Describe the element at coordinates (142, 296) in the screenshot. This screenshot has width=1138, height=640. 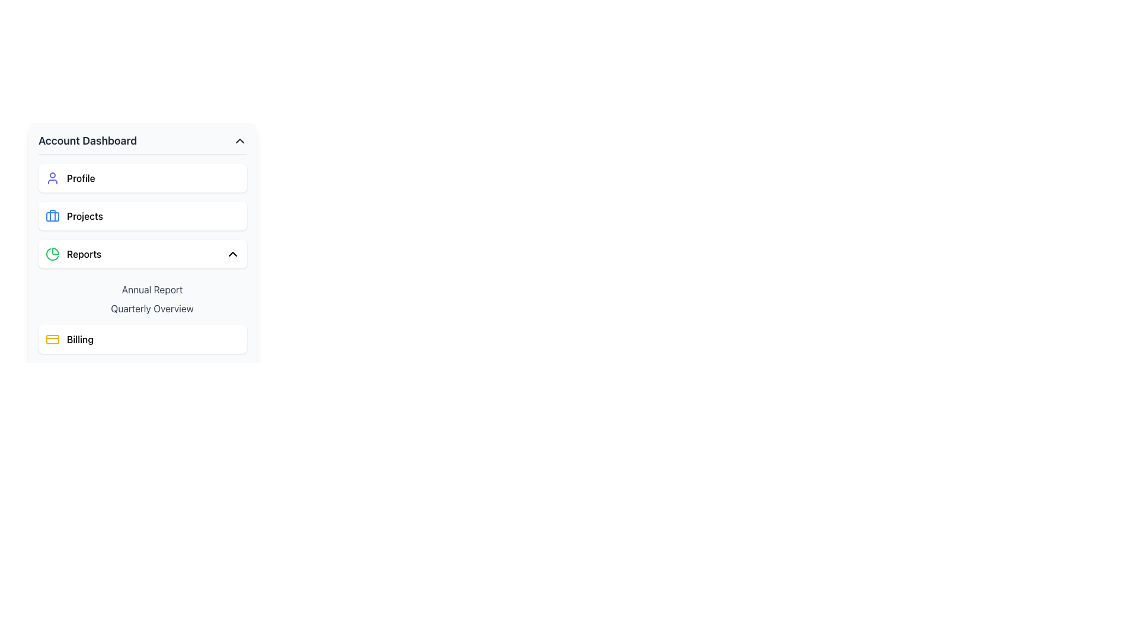
I see `the submenu entry 'Annual Report' from the collapsible menu in the Account Dashboard, which is a vertical list of menu items with a light gray rounded rectangle` at that location.